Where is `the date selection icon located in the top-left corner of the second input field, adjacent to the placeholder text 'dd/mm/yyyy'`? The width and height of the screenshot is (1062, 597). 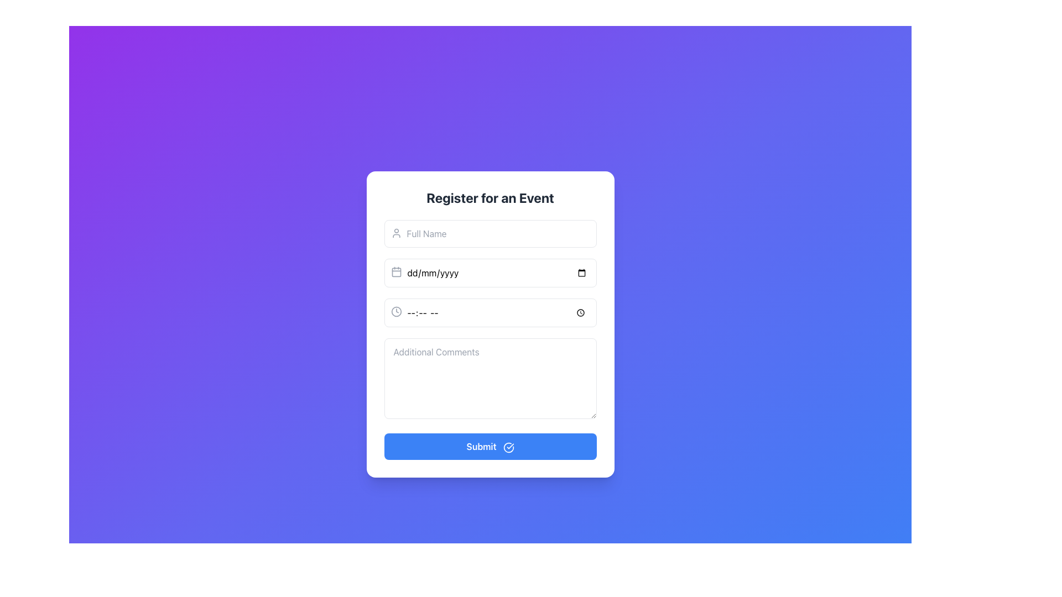 the date selection icon located in the top-left corner of the second input field, adjacent to the placeholder text 'dd/mm/yyyy' is located at coordinates (396, 272).